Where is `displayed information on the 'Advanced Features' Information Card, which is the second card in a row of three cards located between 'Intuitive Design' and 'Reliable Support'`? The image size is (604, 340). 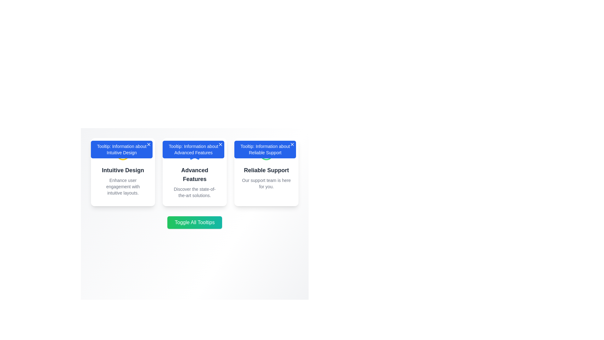 displayed information on the 'Advanced Features' Information Card, which is the second card in a row of three cards located between 'Intuitive Design' and 'Reliable Support' is located at coordinates (194, 172).